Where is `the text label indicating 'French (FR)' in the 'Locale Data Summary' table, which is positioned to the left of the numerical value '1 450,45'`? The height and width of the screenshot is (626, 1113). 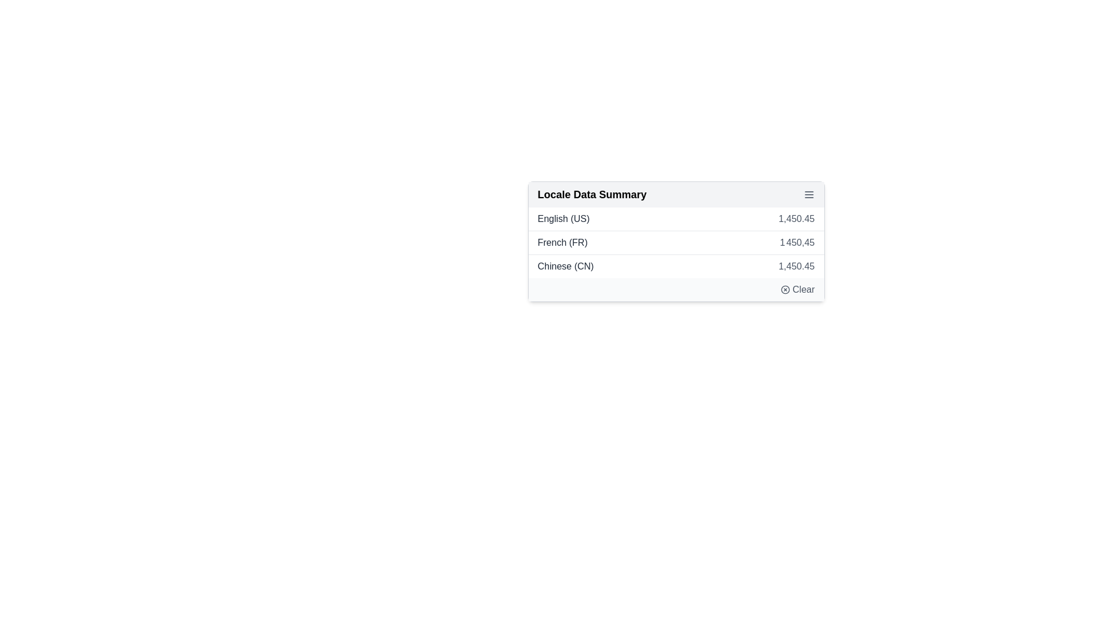
the text label indicating 'French (FR)' in the 'Locale Data Summary' table, which is positioned to the left of the numerical value '1 450,45' is located at coordinates (562, 242).